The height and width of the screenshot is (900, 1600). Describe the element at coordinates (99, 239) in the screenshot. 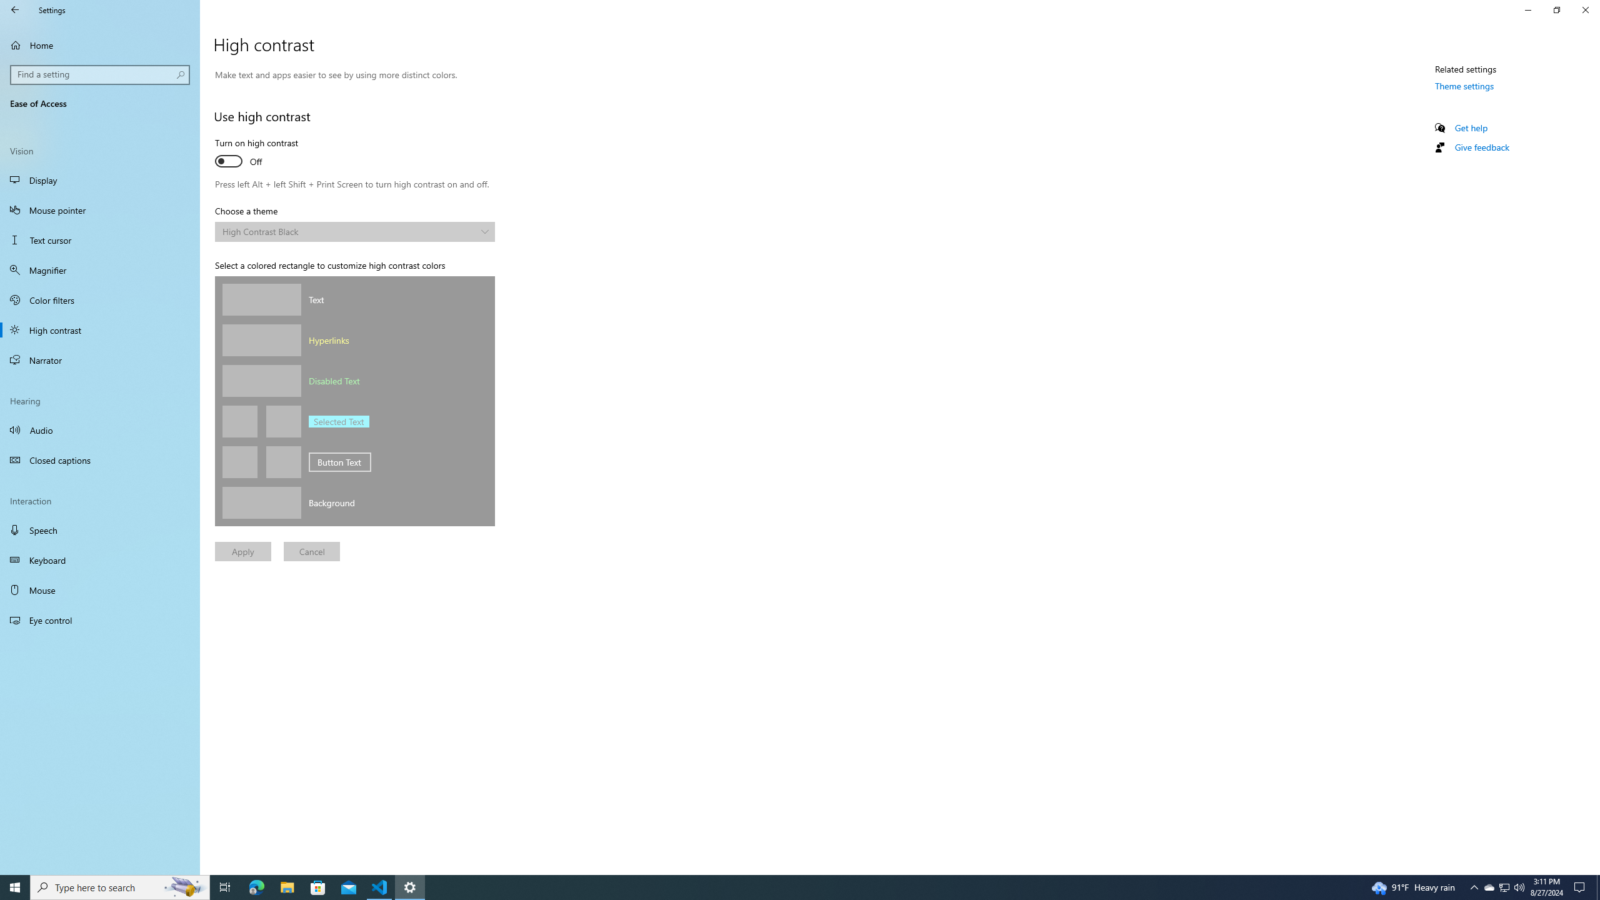

I see `'Text cursor'` at that location.